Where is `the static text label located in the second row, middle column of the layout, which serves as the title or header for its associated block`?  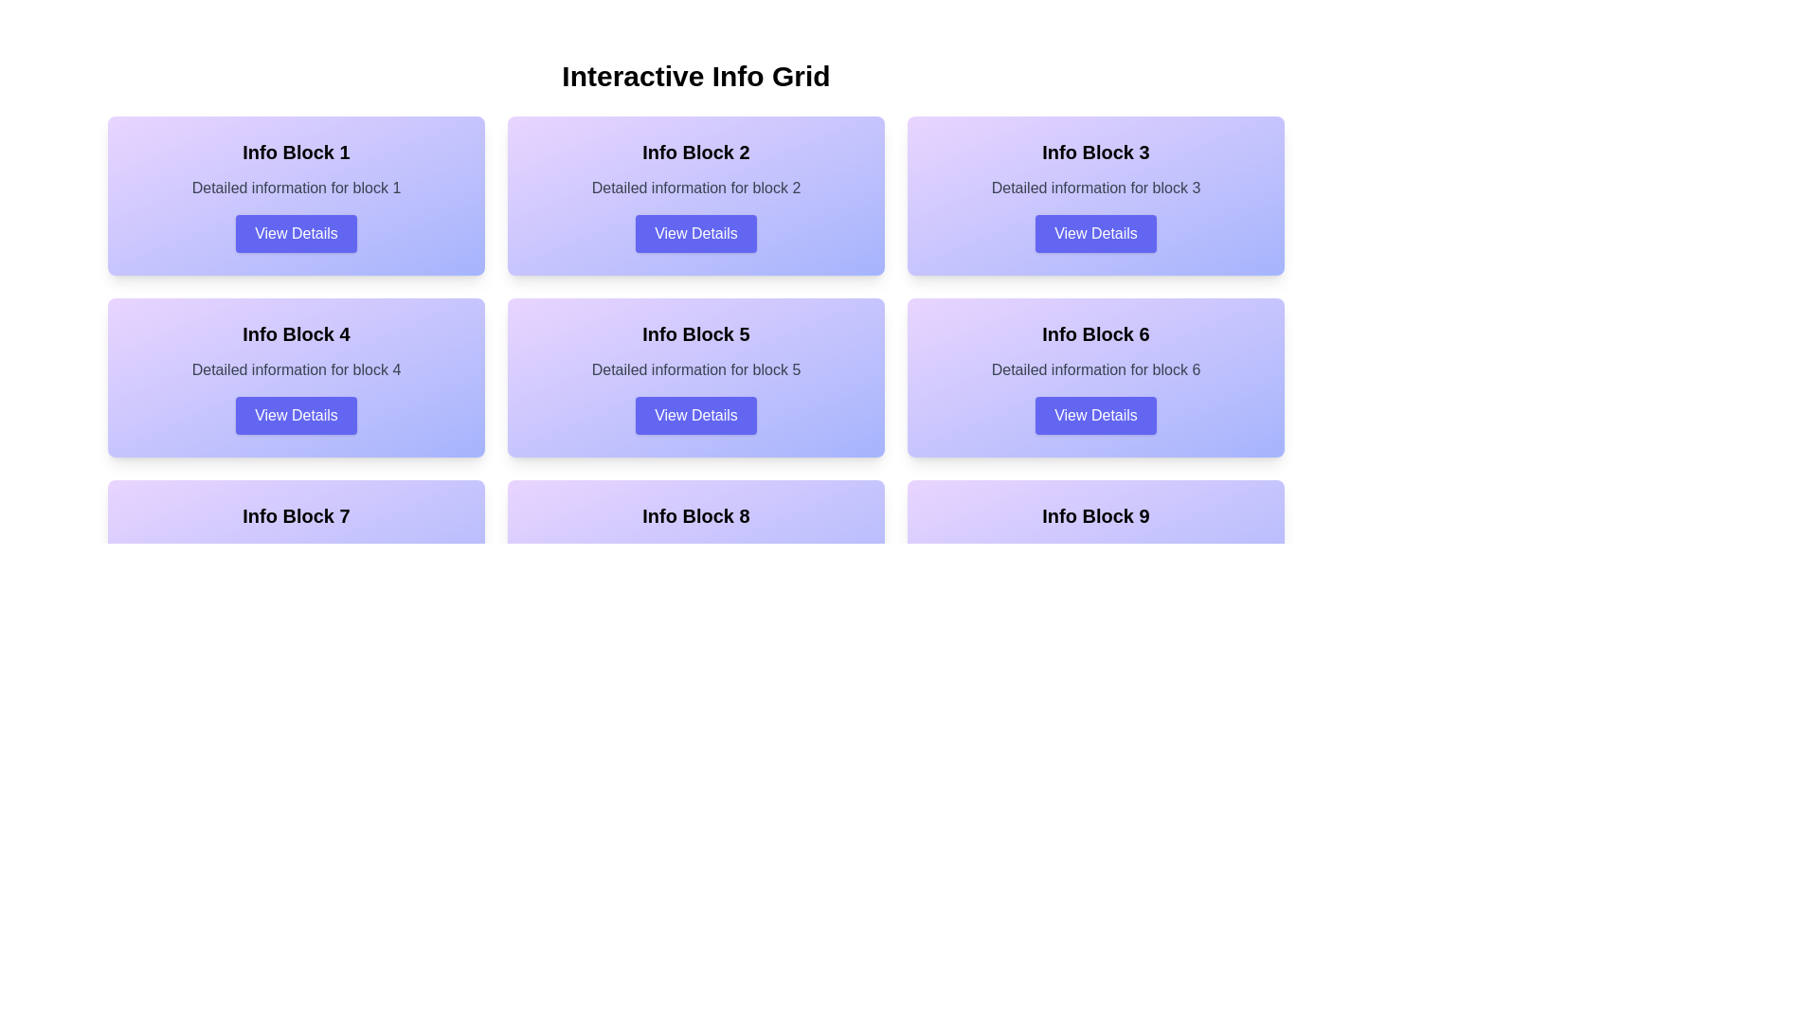
the static text label located in the second row, middle column of the layout, which serves as the title or header for its associated block is located at coordinates (694, 333).